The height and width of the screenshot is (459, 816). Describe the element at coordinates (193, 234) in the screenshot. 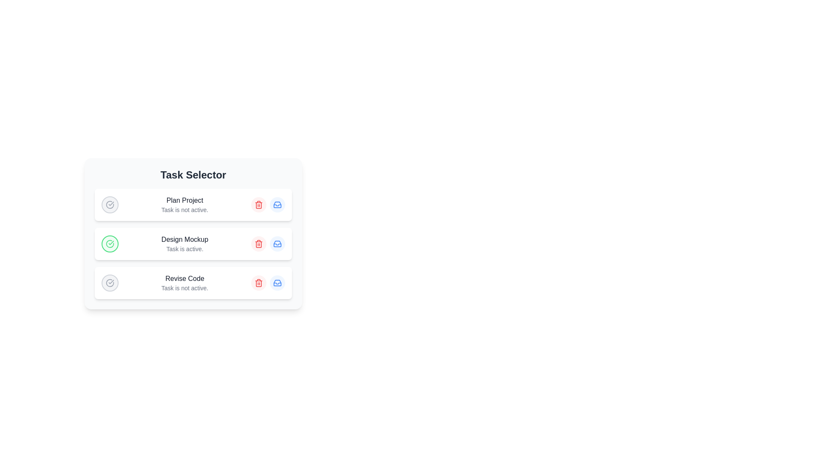

I see `the green check icon of the second interactive task card in the 'Task Selector' section to confirm the activity status` at that location.